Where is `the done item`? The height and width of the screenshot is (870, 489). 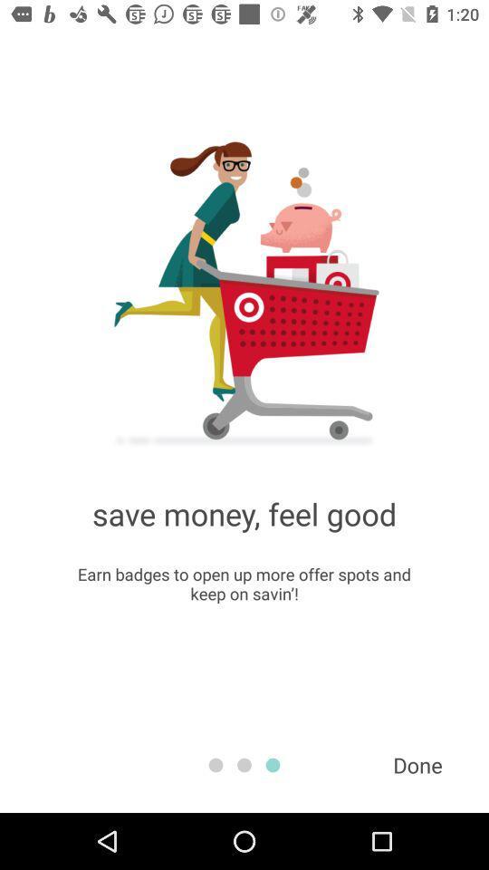 the done item is located at coordinates (417, 764).